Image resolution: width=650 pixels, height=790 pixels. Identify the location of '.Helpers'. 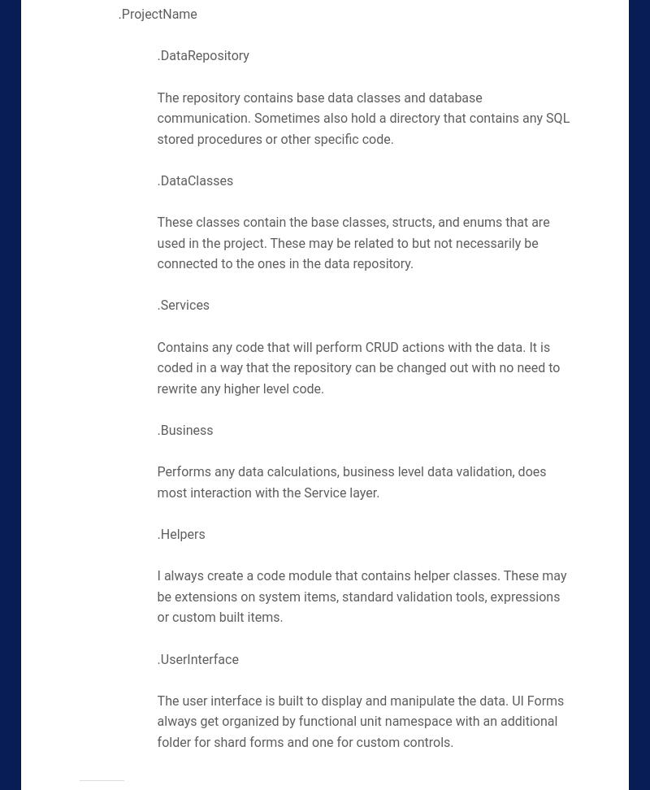
(180, 533).